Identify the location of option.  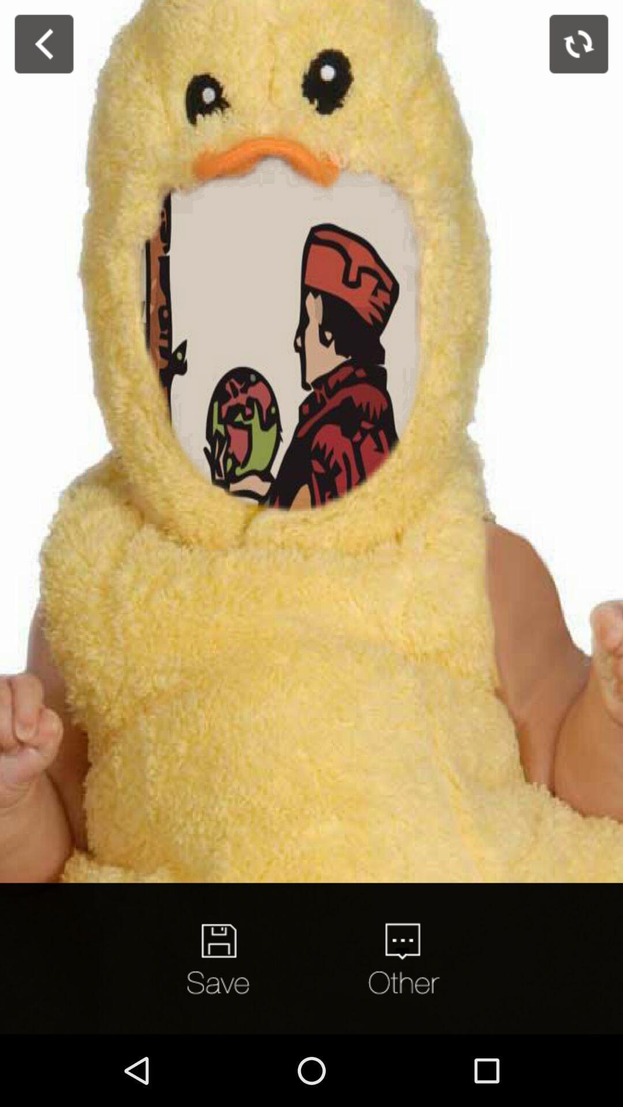
(220, 958).